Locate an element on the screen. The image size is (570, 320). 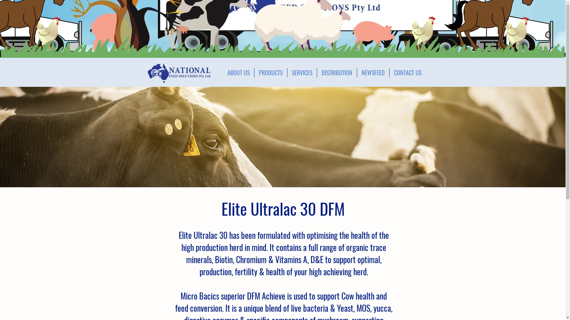
'PRODUCTS' is located at coordinates (270, 72).